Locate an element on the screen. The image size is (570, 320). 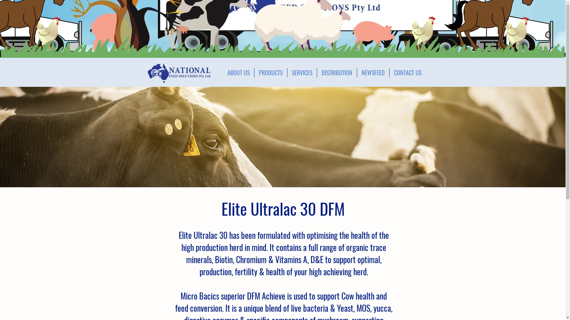
'PRODUCTS' is located at coordinates (270, 72).